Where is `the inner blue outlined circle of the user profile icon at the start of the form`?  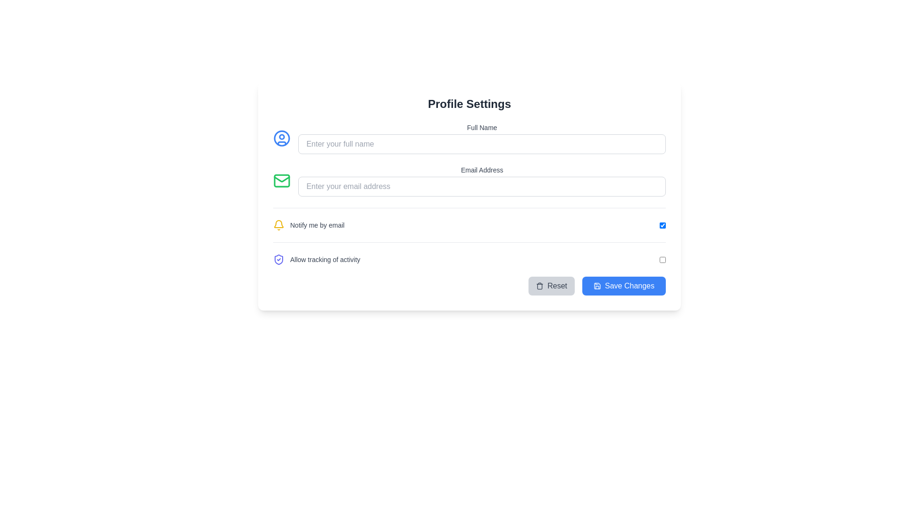
the inner blue outlined circle of the user profile icon at the start of the form is located at coordinates (281, 138).